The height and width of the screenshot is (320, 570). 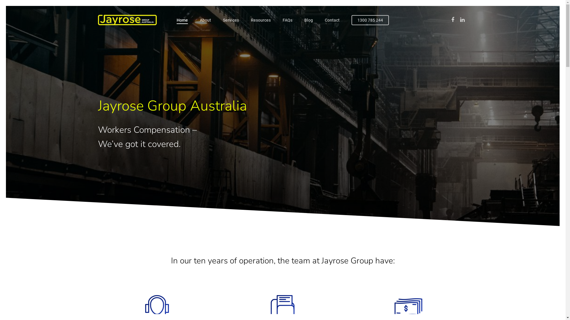 What do you see at coordinates (351, 20) in the screenshot?
I see `'1300 785 244'` at bounding box center [351, 20].